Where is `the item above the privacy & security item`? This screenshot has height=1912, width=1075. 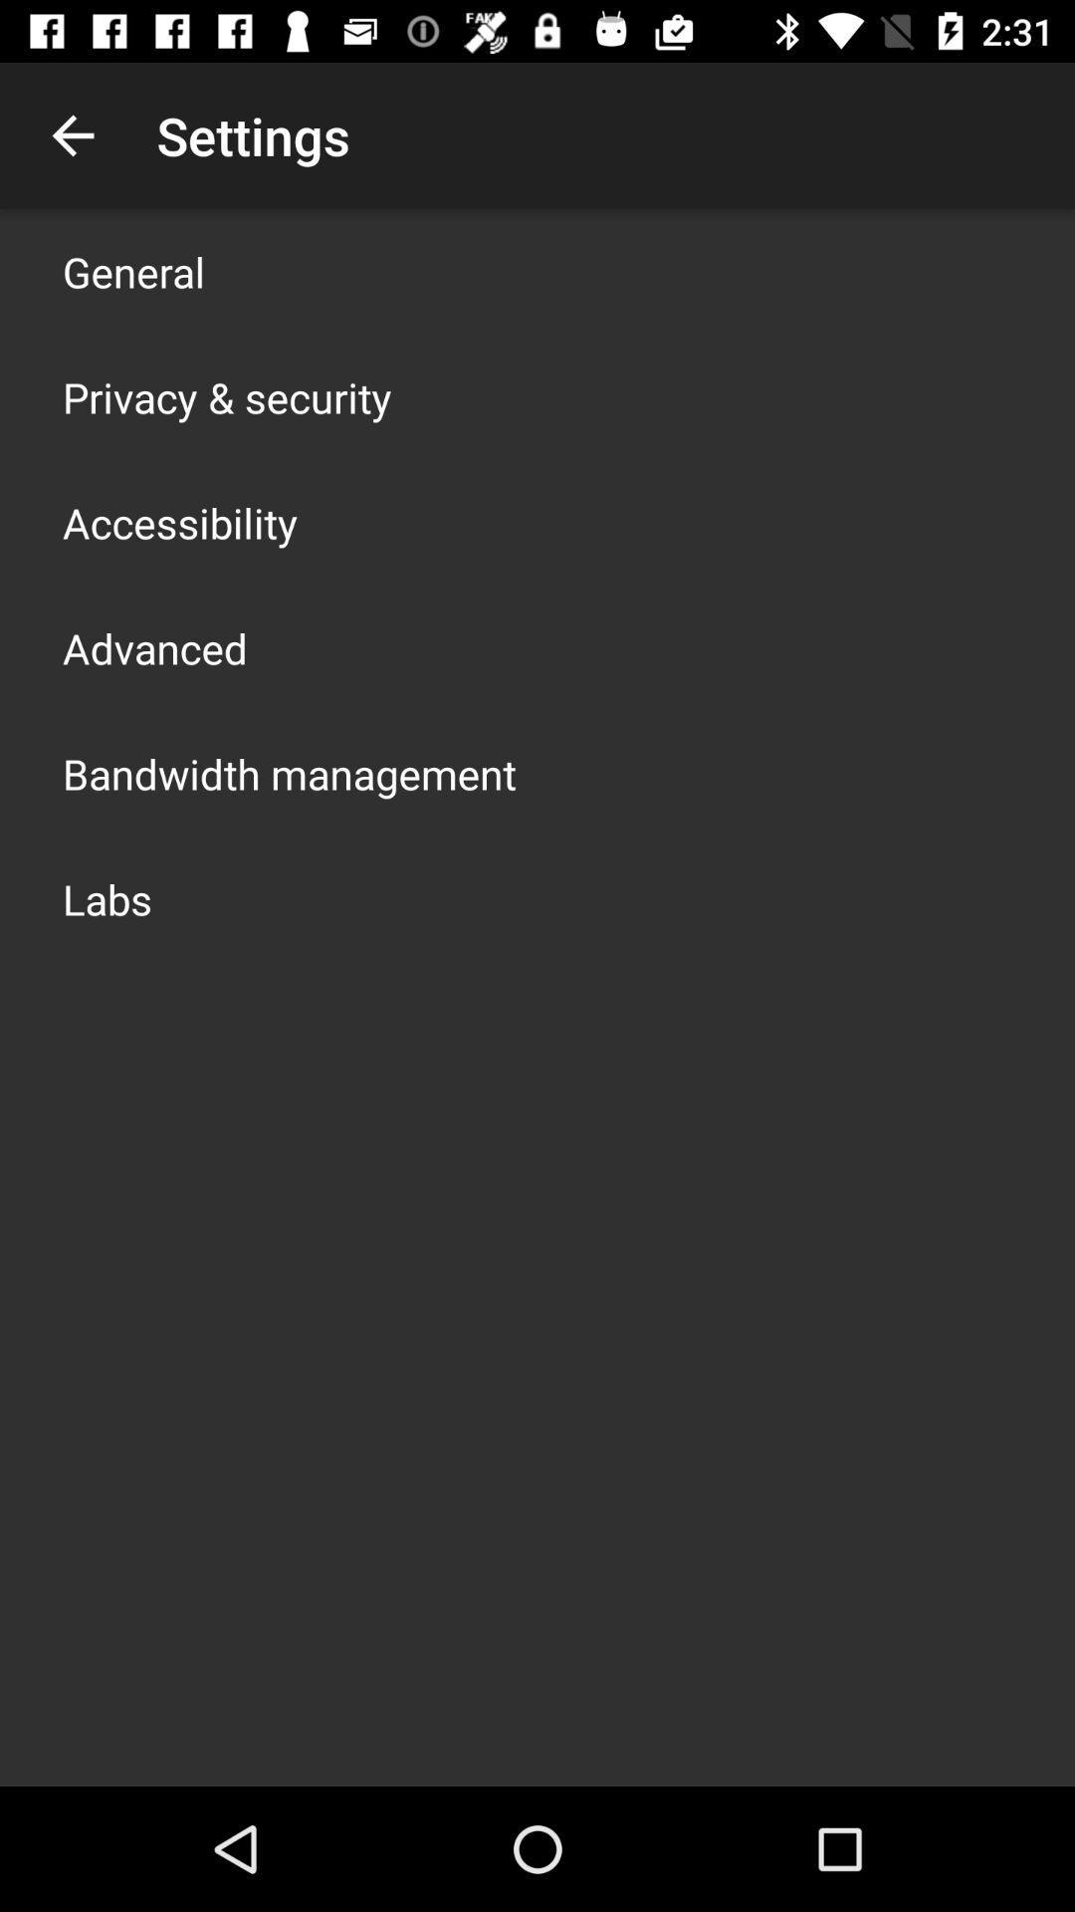
the item above the privacy & security item is located at coordinates (133, 271).